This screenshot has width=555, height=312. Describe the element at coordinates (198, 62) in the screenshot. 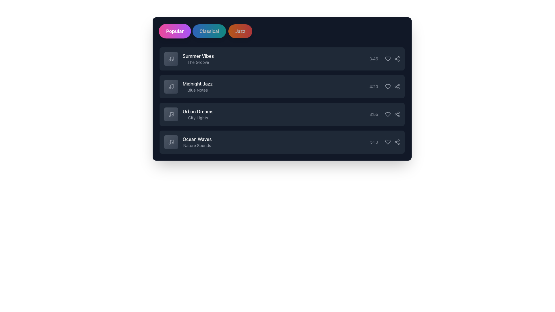

I see `the text label displaying 'The Groove' in a small gray font, located below 'Summer Vibes' in the music playlist interface` at that location.